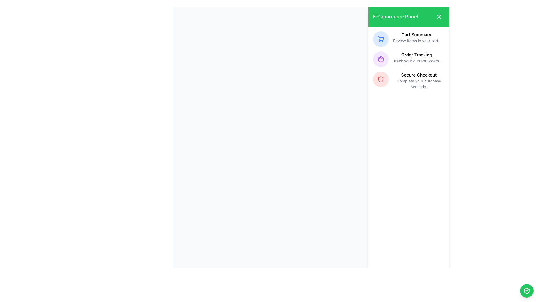  Describe the element at coordinates (381, 79) in the screenshot. I see `the 'Secure Checkout' icon, which visually represents secure transactions with shield imagery, located in the E-Commerce Panel header` at that location.